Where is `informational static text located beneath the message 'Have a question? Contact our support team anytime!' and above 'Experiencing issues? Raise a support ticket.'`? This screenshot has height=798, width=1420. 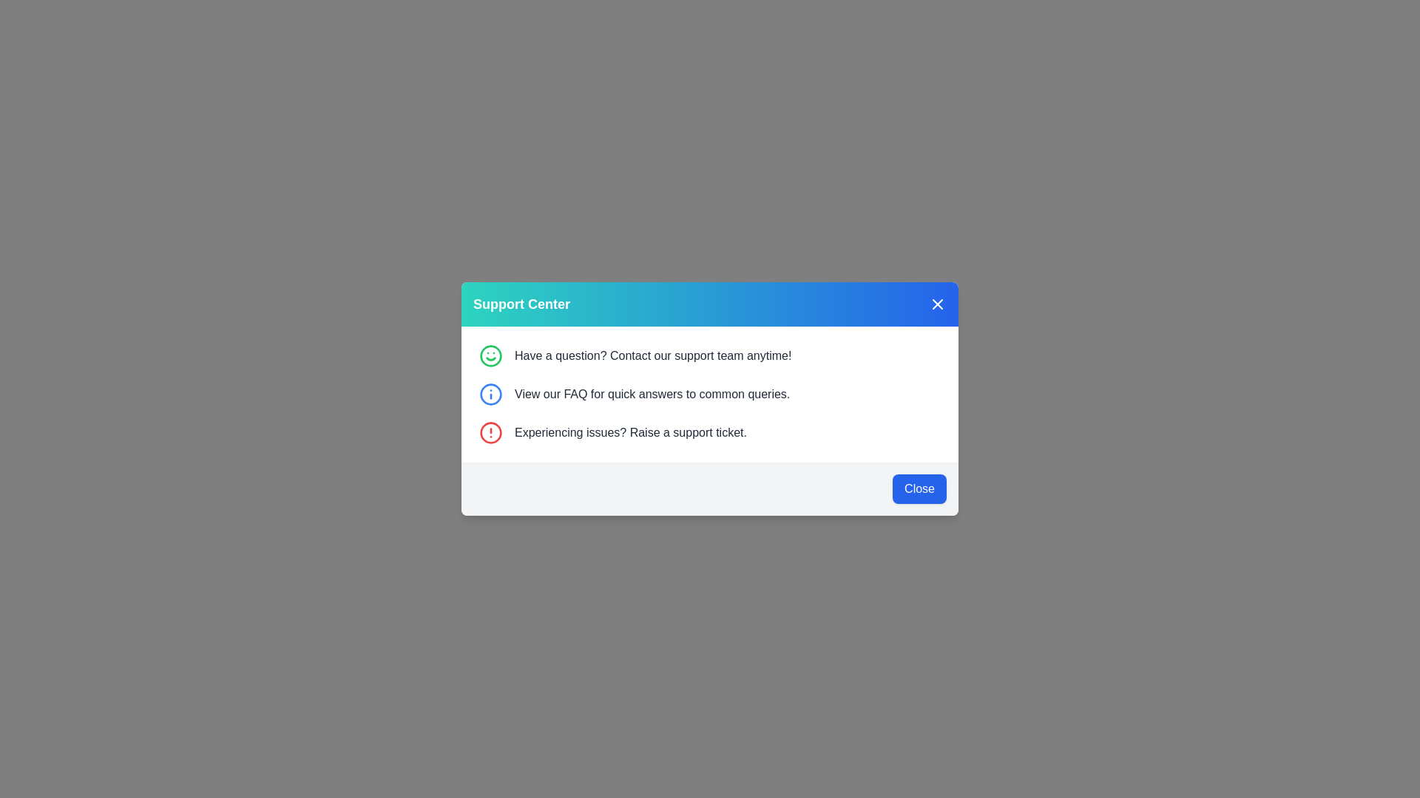 informational static text located beneath the message 'Have a question? Contact our support team anytime!' and above 'Experiencing issues? Raise a support ticket.' is located at coordinates (652, 393).